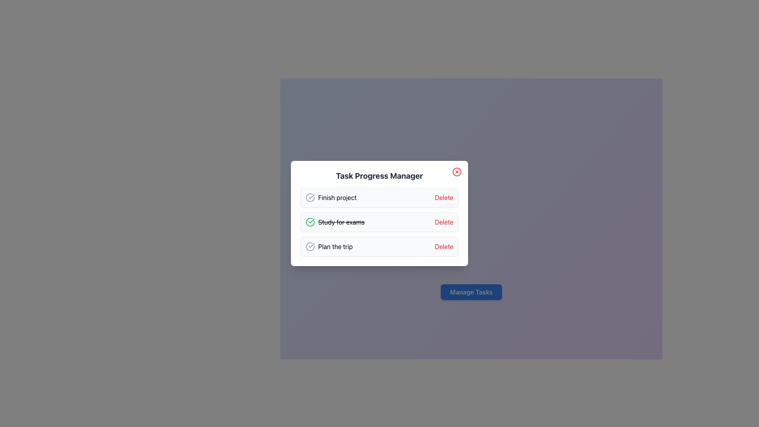  Describe the element at coordinates (379, 222) in the screenshot. I see `the list item displaying the completed task 'Study for exams' with a strikethrough style in the 'Task Progress Manager' modal` at that location.